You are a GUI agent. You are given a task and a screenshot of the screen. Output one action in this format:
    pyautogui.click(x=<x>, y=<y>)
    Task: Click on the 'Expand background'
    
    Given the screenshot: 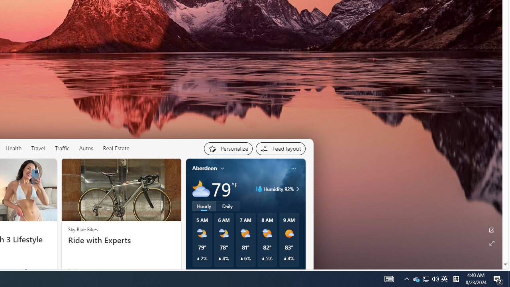 What is the action you would take?
    pyautogui.click(x=491, y=243)
    